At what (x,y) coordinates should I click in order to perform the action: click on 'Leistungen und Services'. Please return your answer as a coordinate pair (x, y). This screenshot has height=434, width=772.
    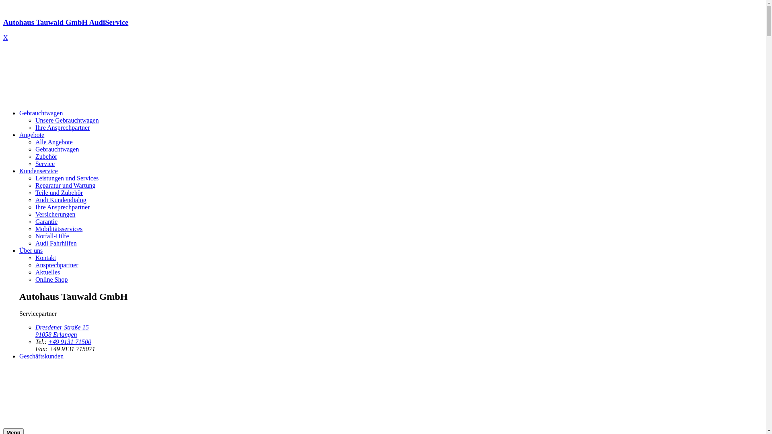
    Looking at the image, I should click on (67, 178).